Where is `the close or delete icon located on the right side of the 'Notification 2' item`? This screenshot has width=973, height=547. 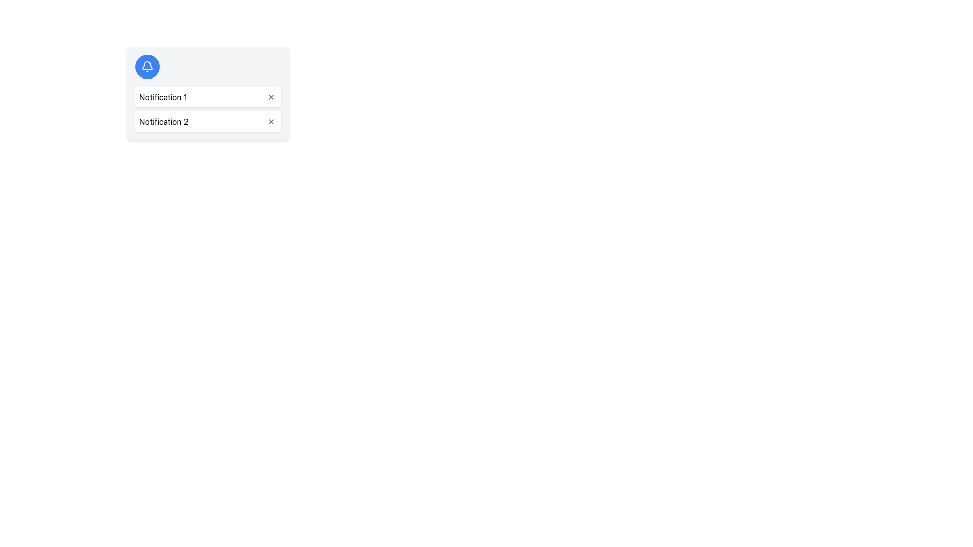 the close or delete icon located on the right side of the 'Notification 2' item is located at coordinates (271, 121).